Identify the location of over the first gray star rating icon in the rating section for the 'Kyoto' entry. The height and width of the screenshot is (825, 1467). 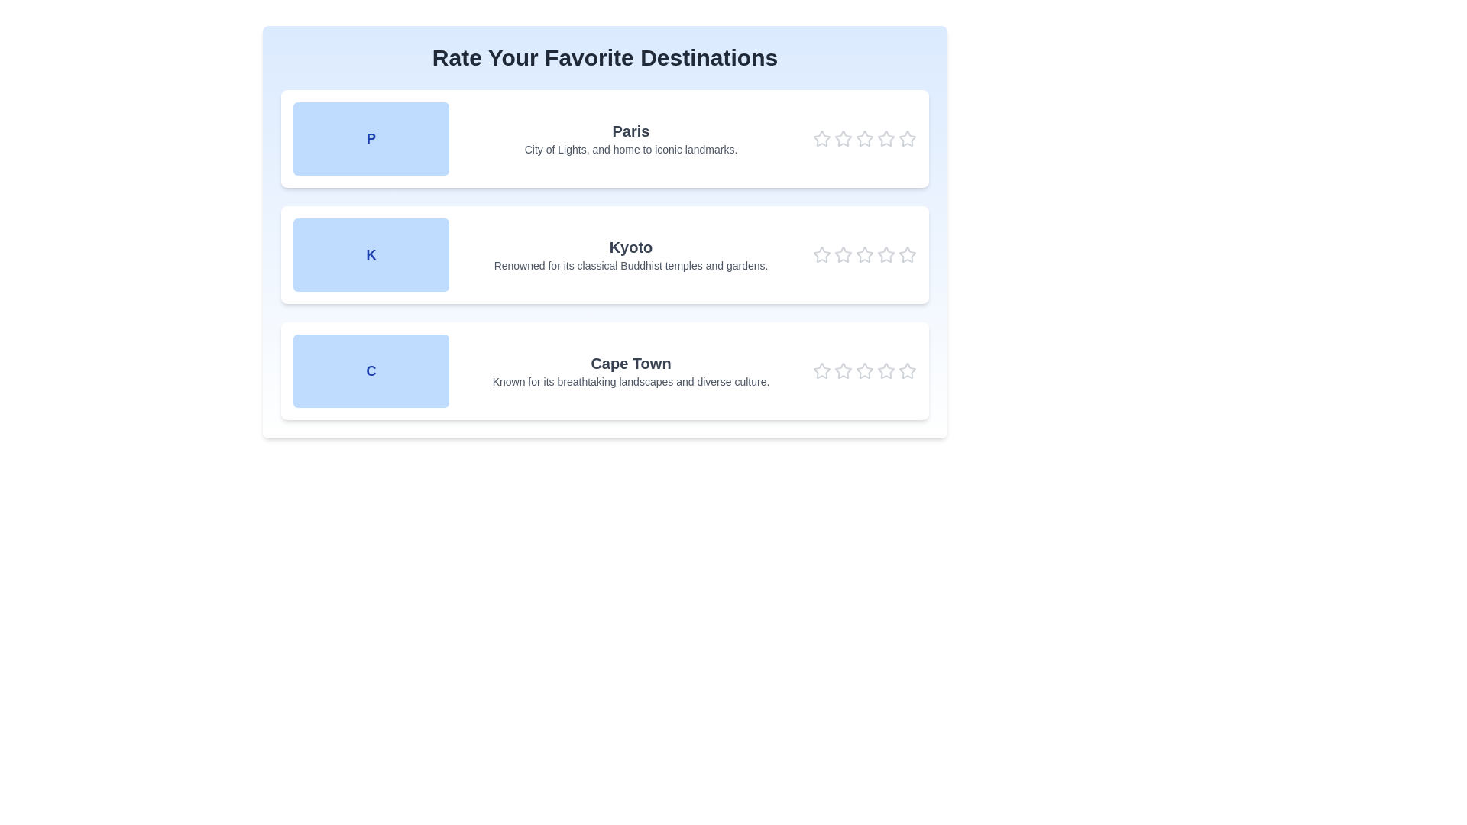
(821, 254).